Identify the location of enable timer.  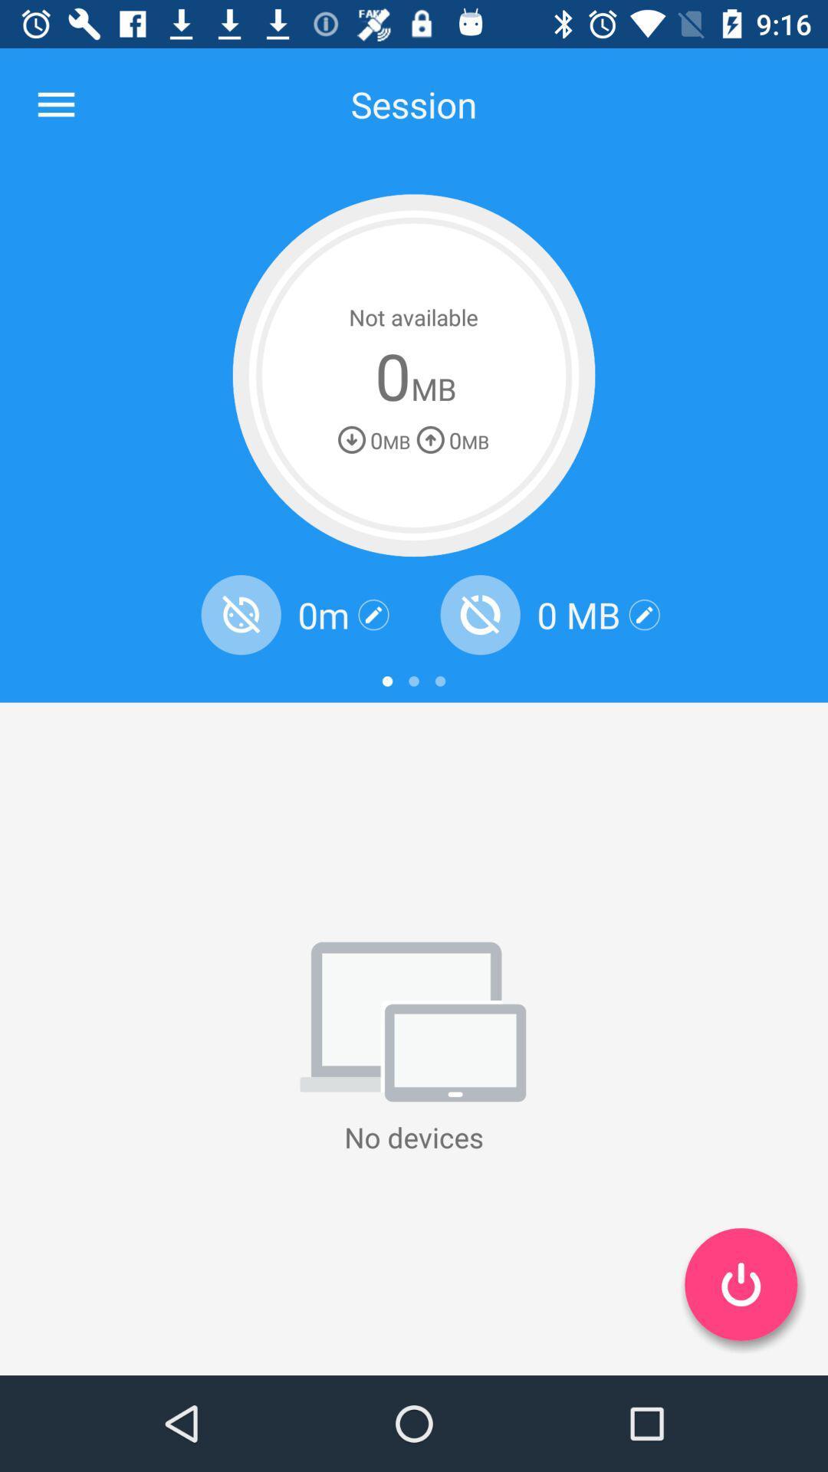
(241, 615).